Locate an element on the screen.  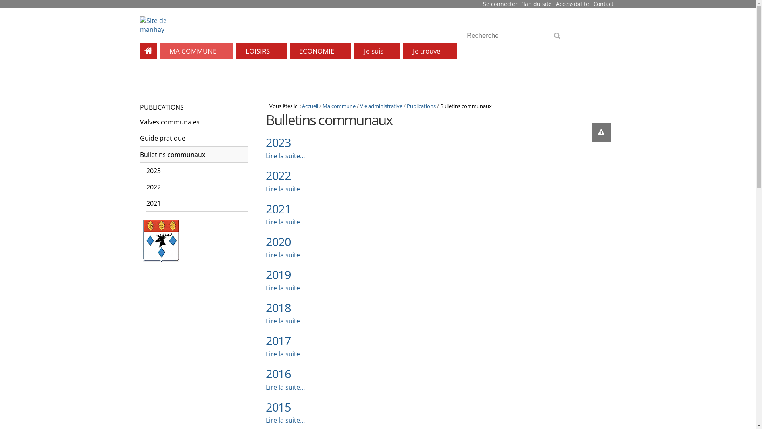
'Guide pratique' is located at coordinates (194, 138).